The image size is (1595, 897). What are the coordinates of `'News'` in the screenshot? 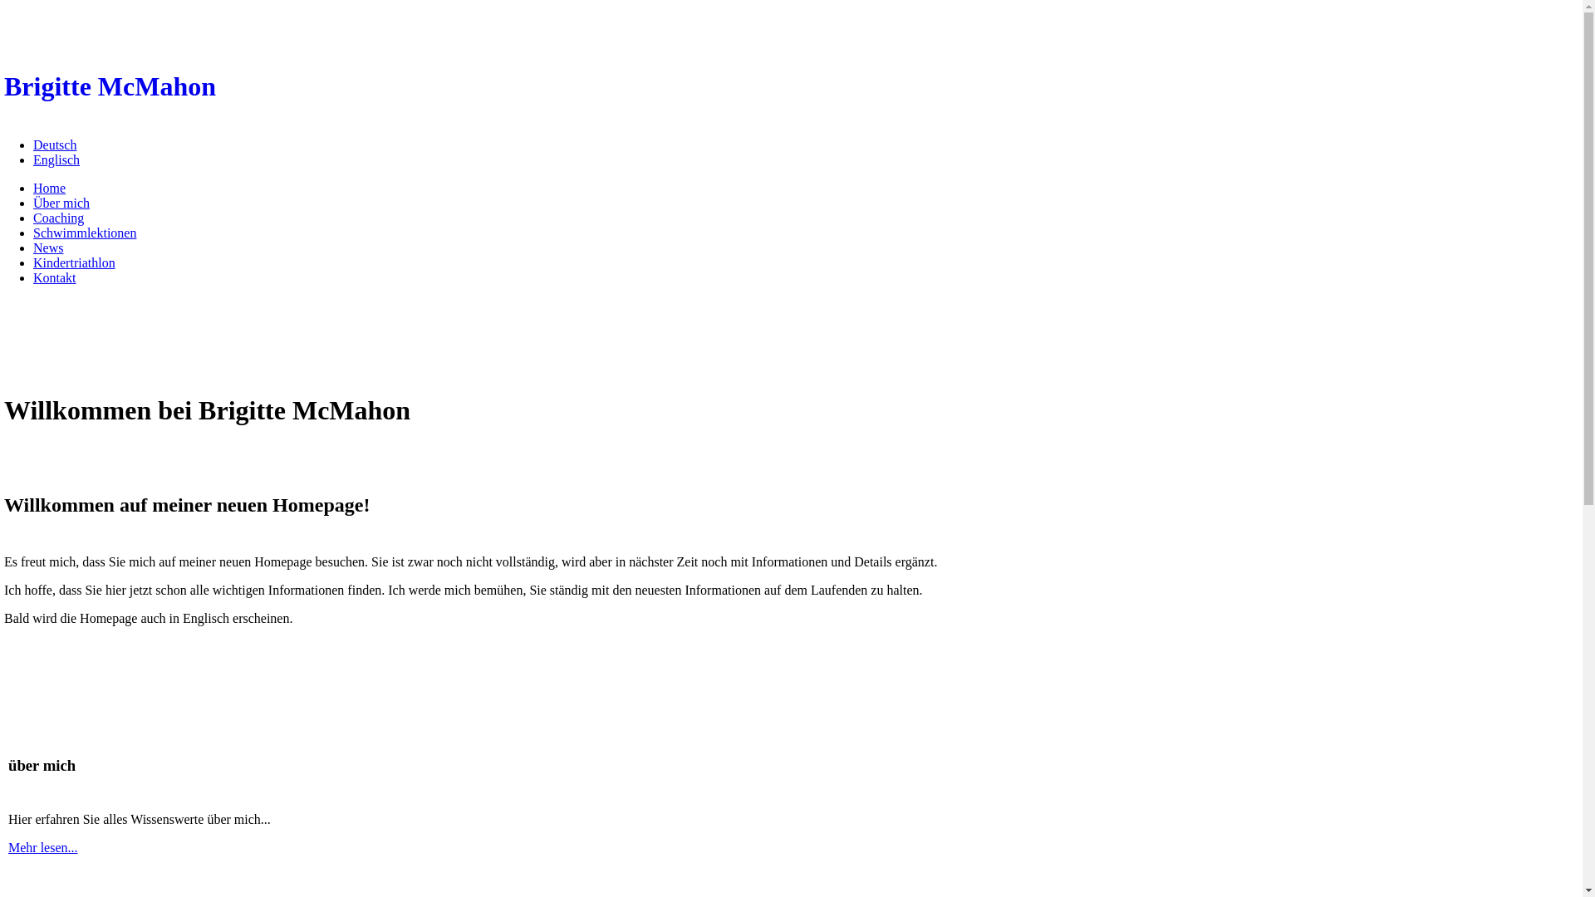 It's located at (47, 248).